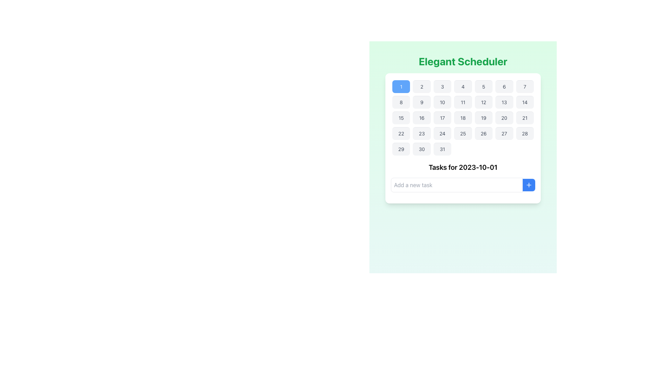 This screenshot has width=666, height=375. I want to click on the calendar day button displaying the number '18', so click(463, 117).